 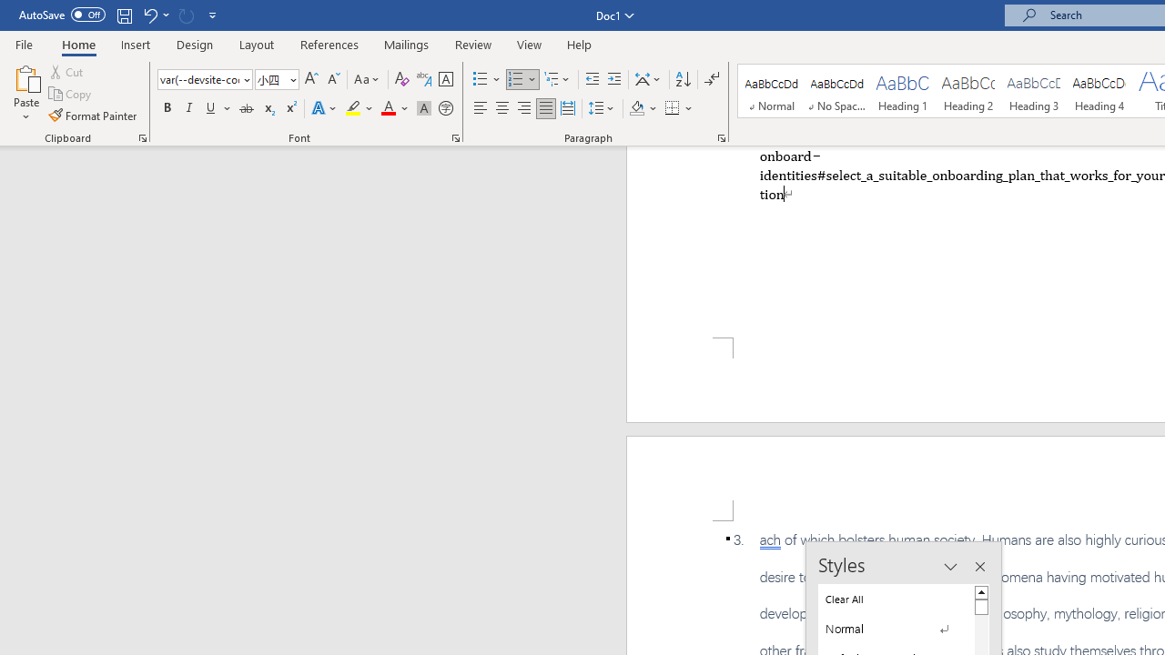 What do you see at coordinates (720, 136) in the screenshot?
I see `'Paragraph...'` at bounding box center [720, 136].